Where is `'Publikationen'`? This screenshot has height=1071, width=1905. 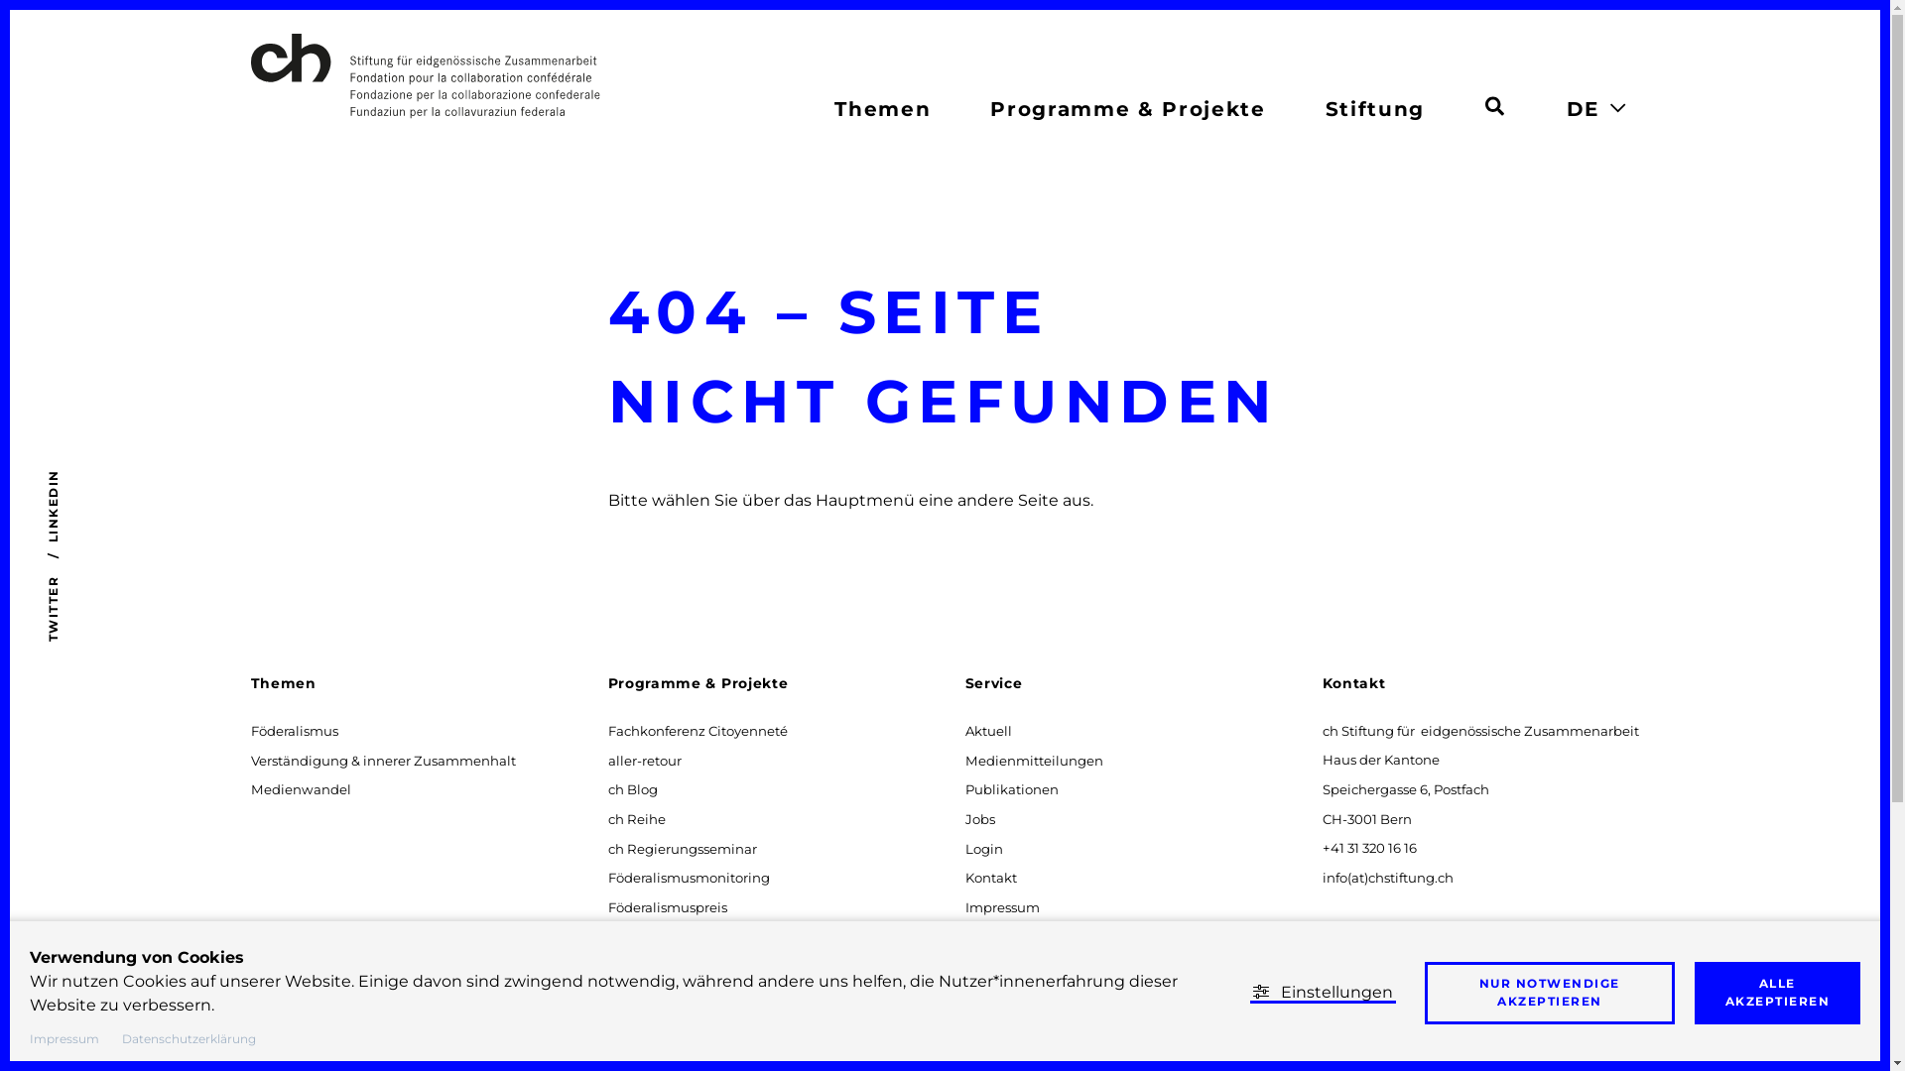 'Publikationen' is located at coordinates (961, 787).